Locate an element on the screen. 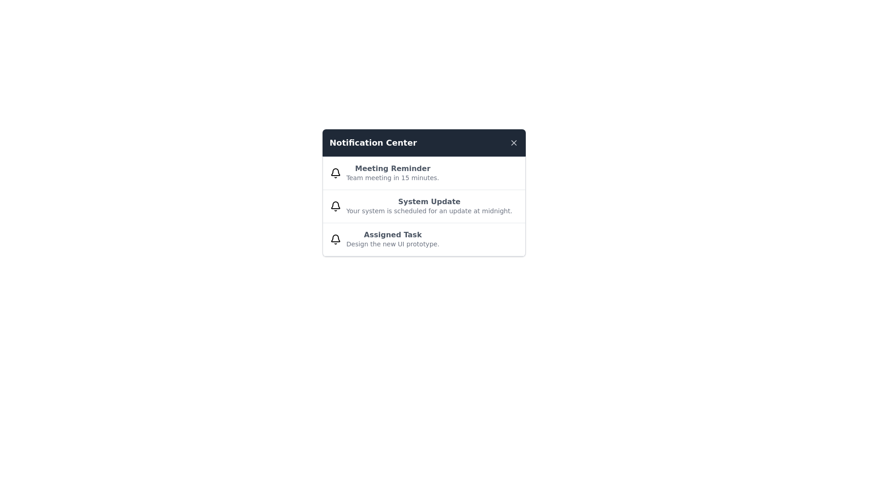  text label that displays 'Meeting Reminder', which is styled with a bold font and gray color, located at the top of the notification card in the Notification Center is located at coordinates (392, 168).